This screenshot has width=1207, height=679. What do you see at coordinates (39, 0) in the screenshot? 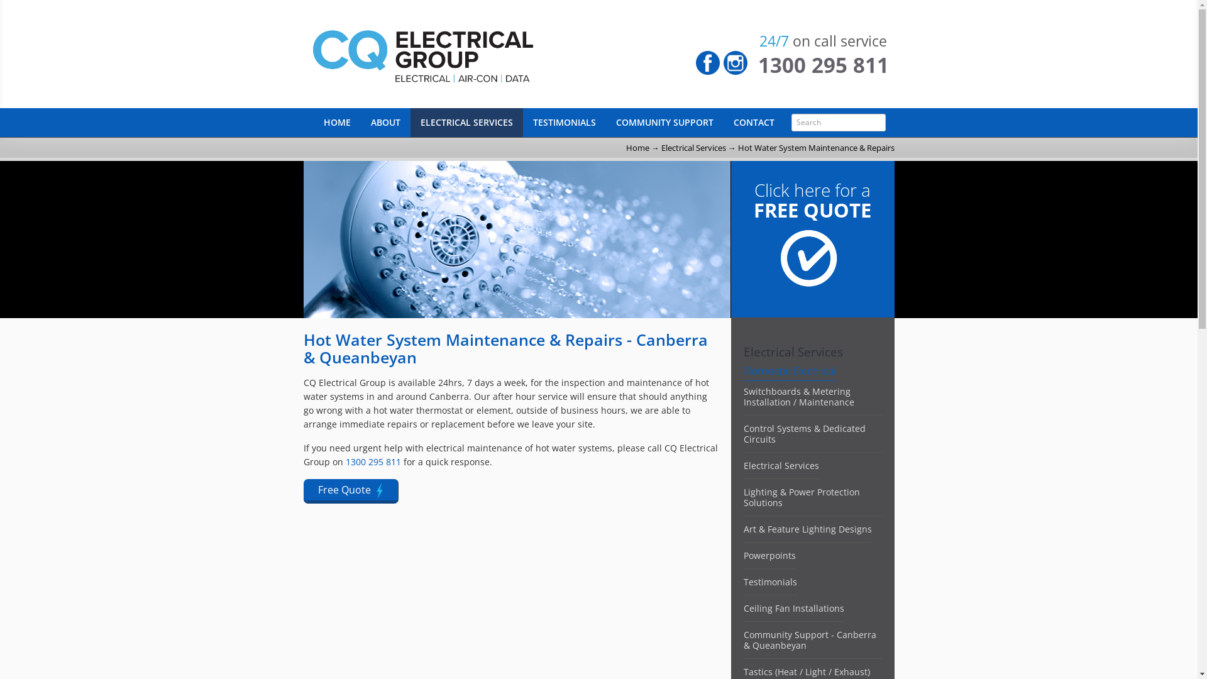
I see `'Skip to main content'` at bounding box center [39, 0].